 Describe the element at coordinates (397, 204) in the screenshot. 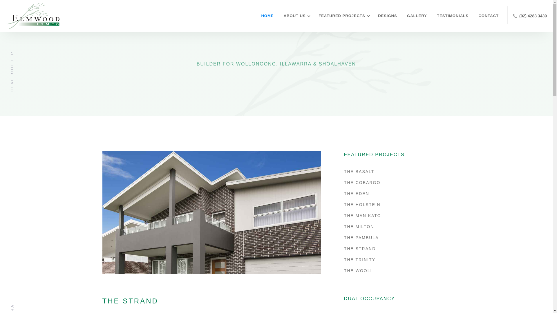

I see `'THE HOLSTEIN'` at that location.